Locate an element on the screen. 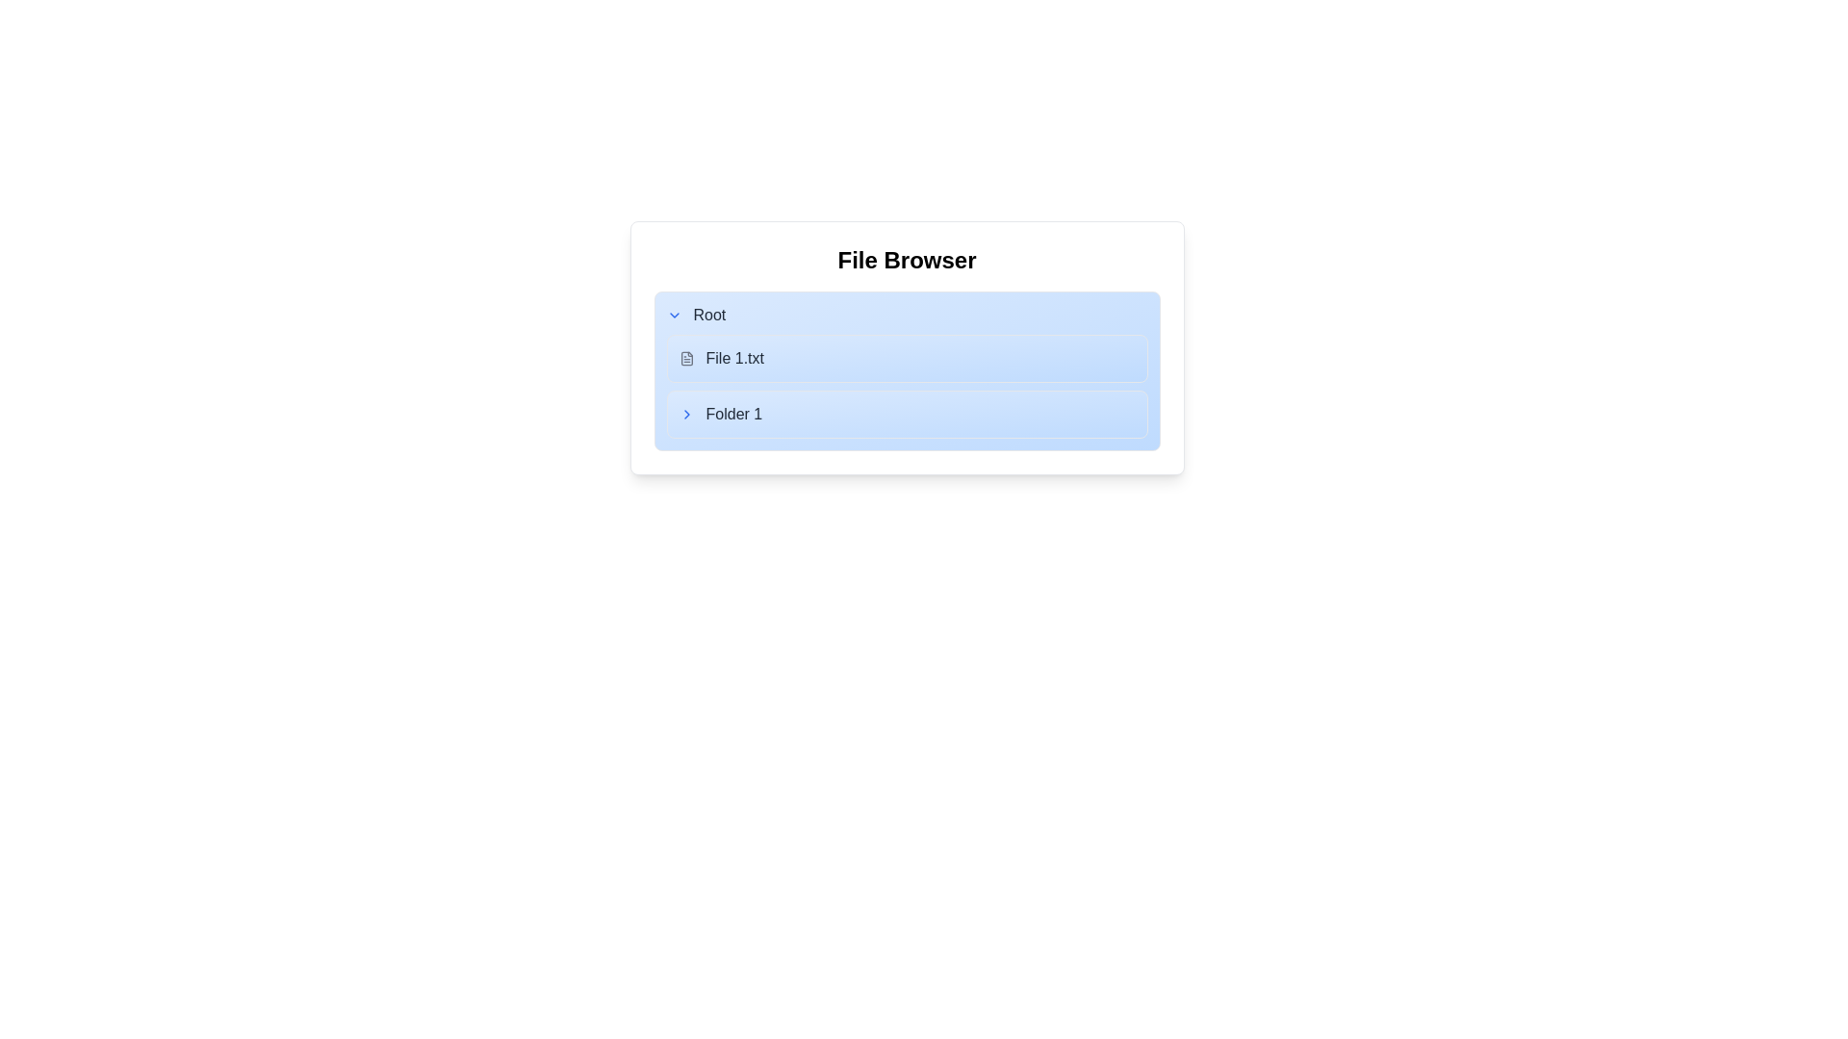 This screenshot has height=1039, width=1848. the text label representing the main directory in the file browser interface is located at coordinates (708, 314).